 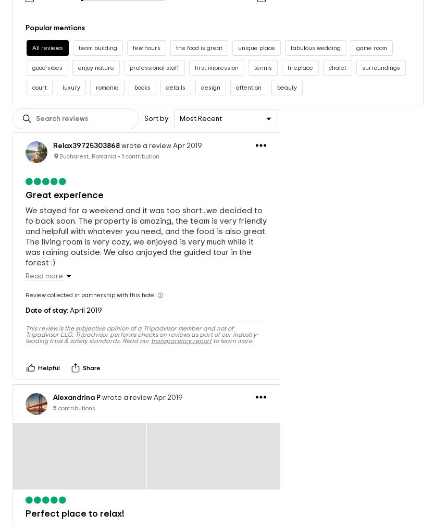 What do you see at coordinates (84, 300) in the screenshot?
I see `'April 2019'` at bounding box center [84, 300].